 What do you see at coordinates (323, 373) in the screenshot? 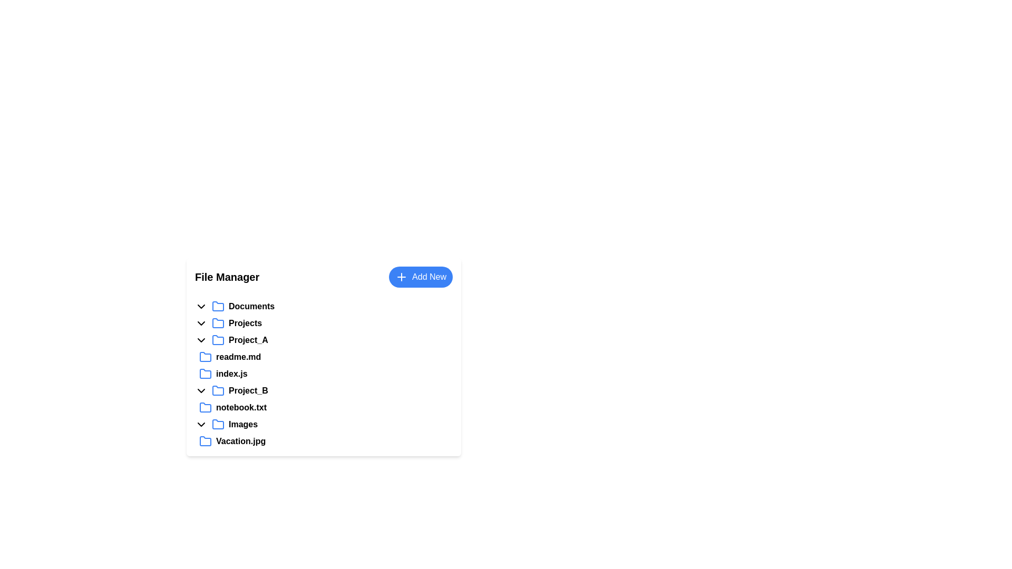
I see `the list item representing the file 'index.js' in the 'Project_A' section of the file manager` at bounding box center [323, 373].